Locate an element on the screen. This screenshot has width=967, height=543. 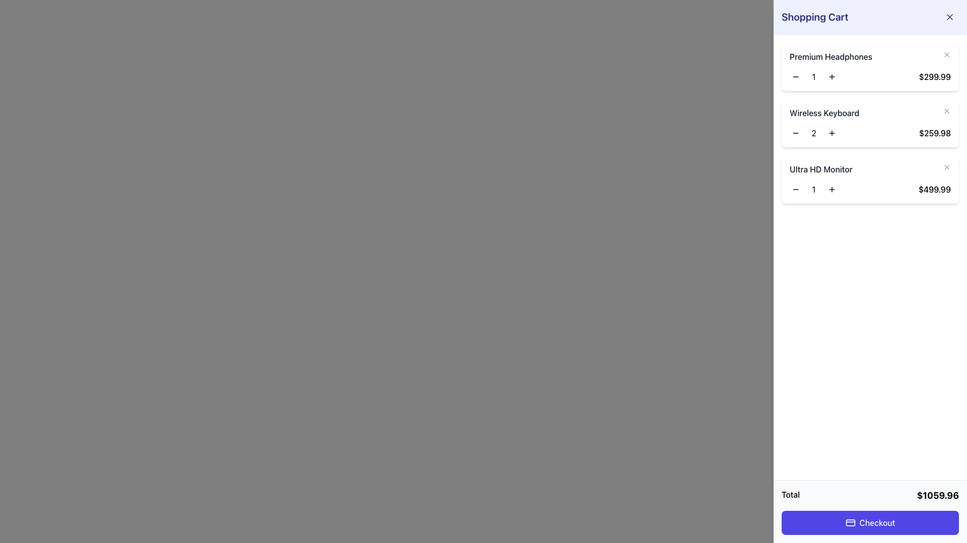
the plus icon button located within the 'Ultra HD Monitor' interface in the shopping cart is located at coordinates (832, 190).